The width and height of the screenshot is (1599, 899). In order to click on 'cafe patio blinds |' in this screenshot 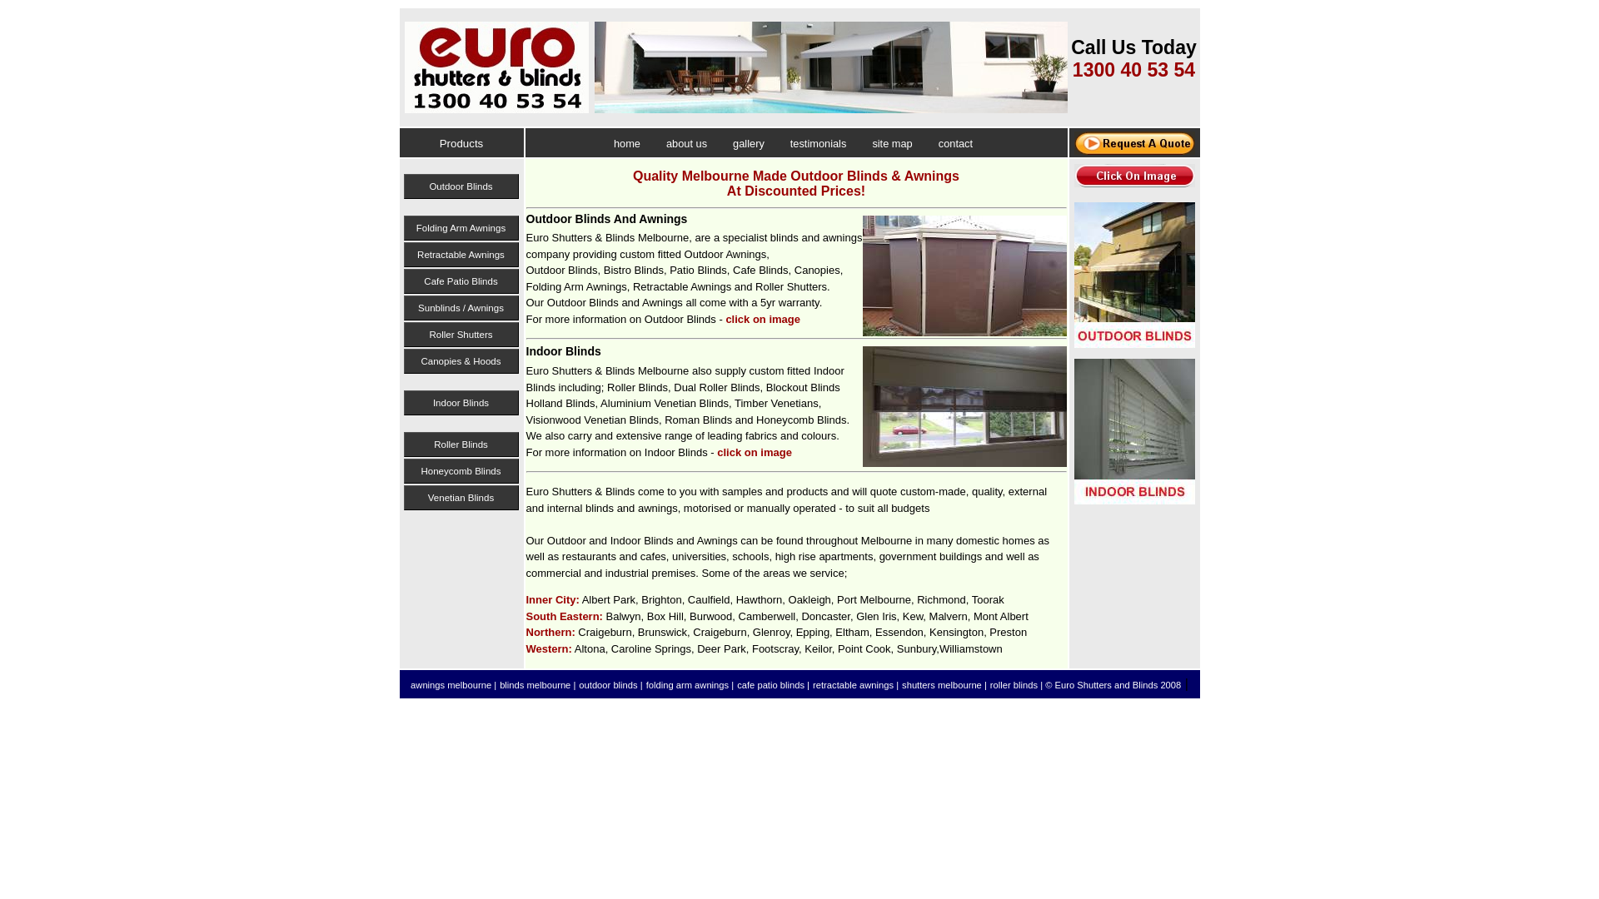, I will do `click(735, 684)`.